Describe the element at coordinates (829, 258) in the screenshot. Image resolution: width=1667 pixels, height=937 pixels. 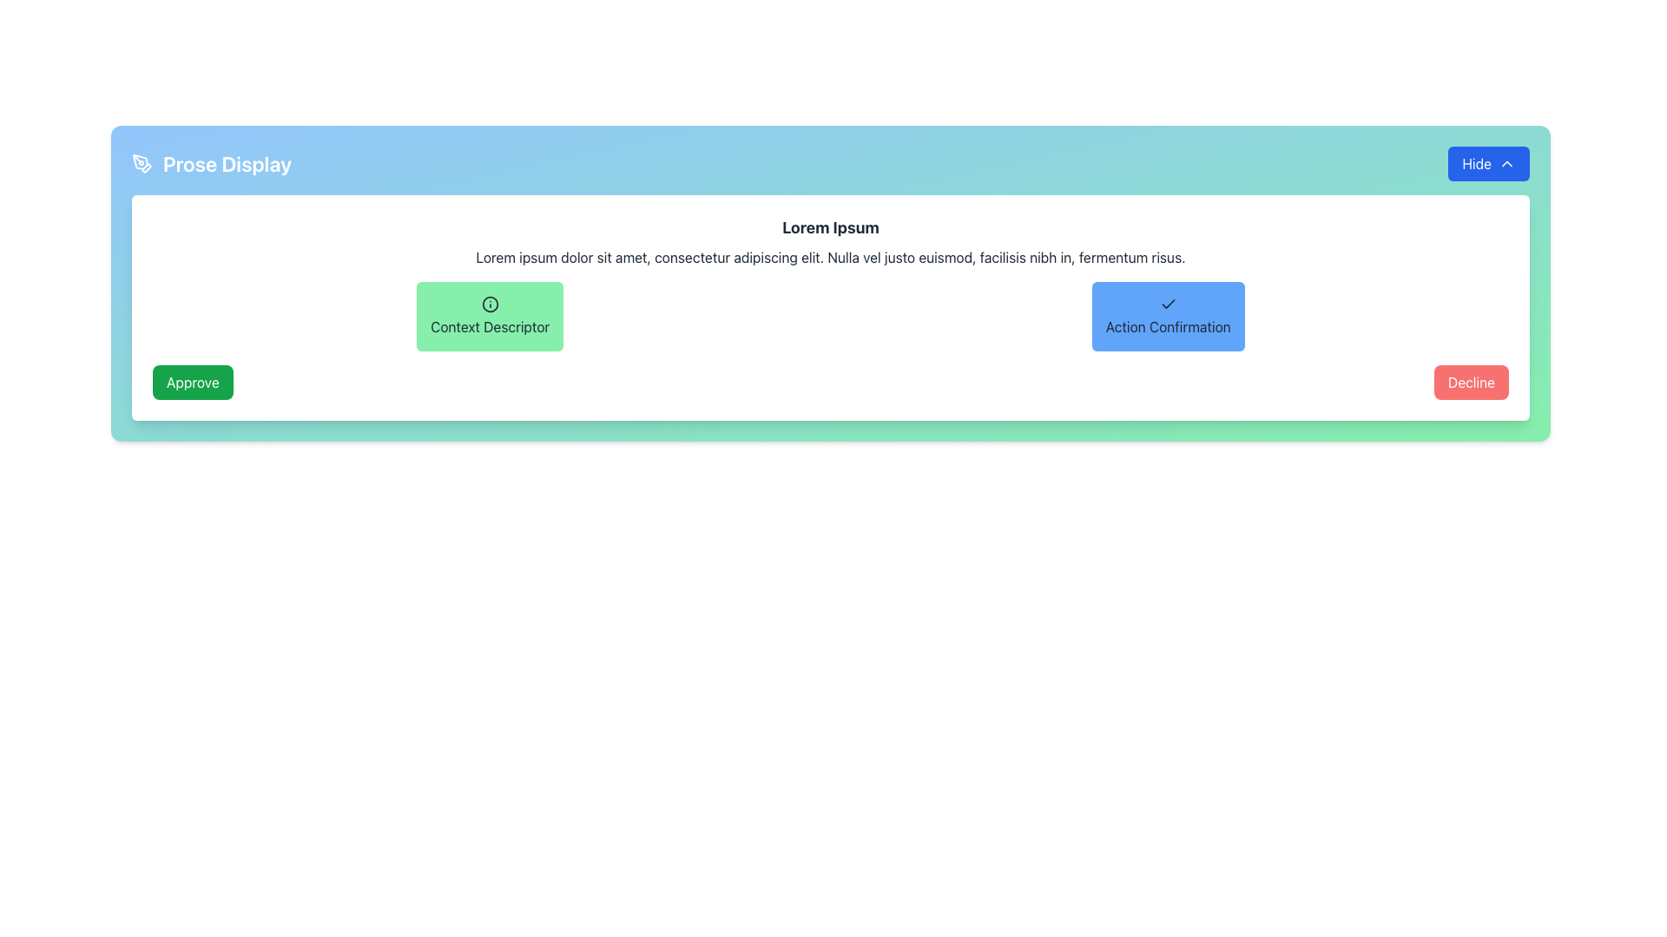
I see `the Text Label displaying the sentence: 'Lorem ipsum dolor sit amet, consectetur adipiscing elit. Nulla vel justo euismod, facilisis nibh in, fermentum risus.' which is positioned below the header 'Lorem Ipsum' and above the buttons 'Context Descriptor' and 'Action Confirmation'` at that location.